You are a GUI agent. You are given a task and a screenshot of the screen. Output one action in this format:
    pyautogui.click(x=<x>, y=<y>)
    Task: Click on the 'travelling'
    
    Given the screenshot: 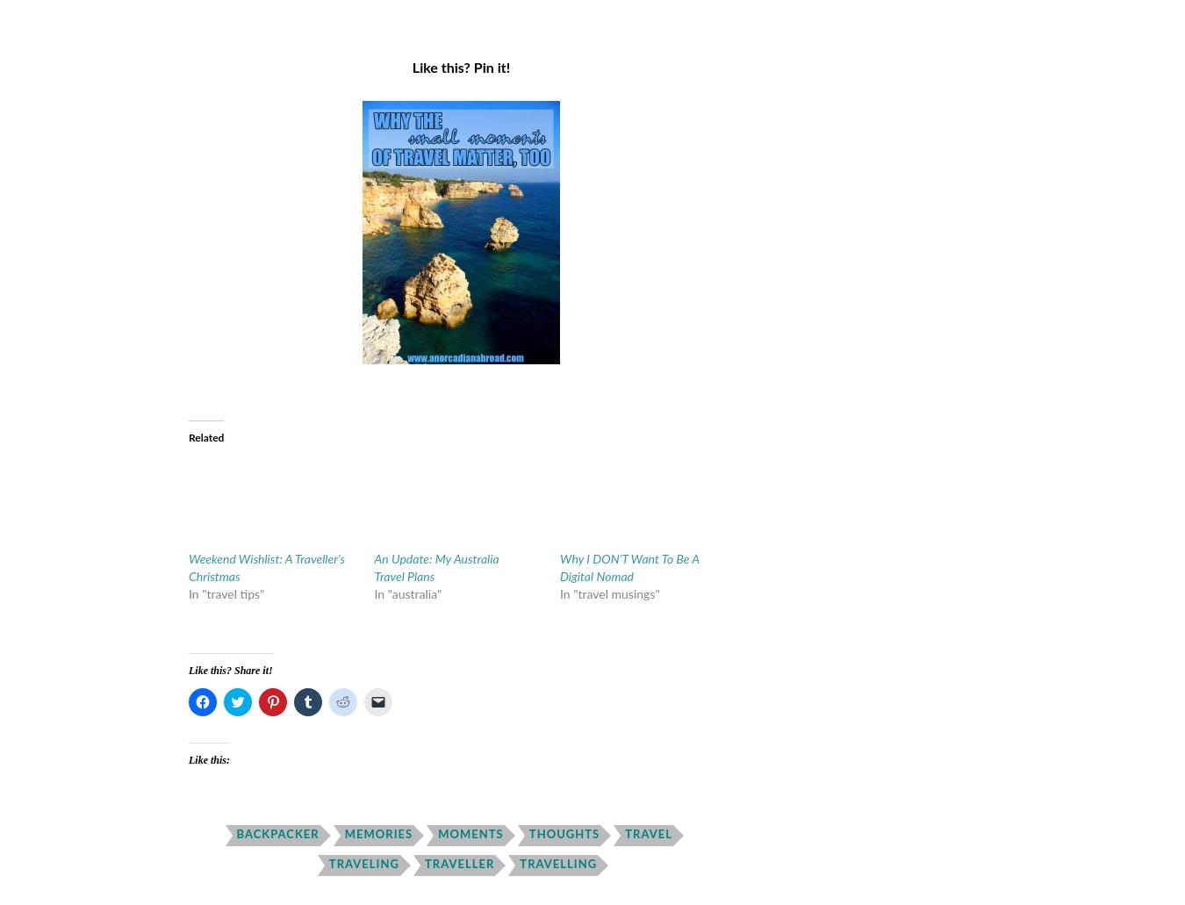 What is the action you would take?
    pyautogui.click(x=557, y=863)
    